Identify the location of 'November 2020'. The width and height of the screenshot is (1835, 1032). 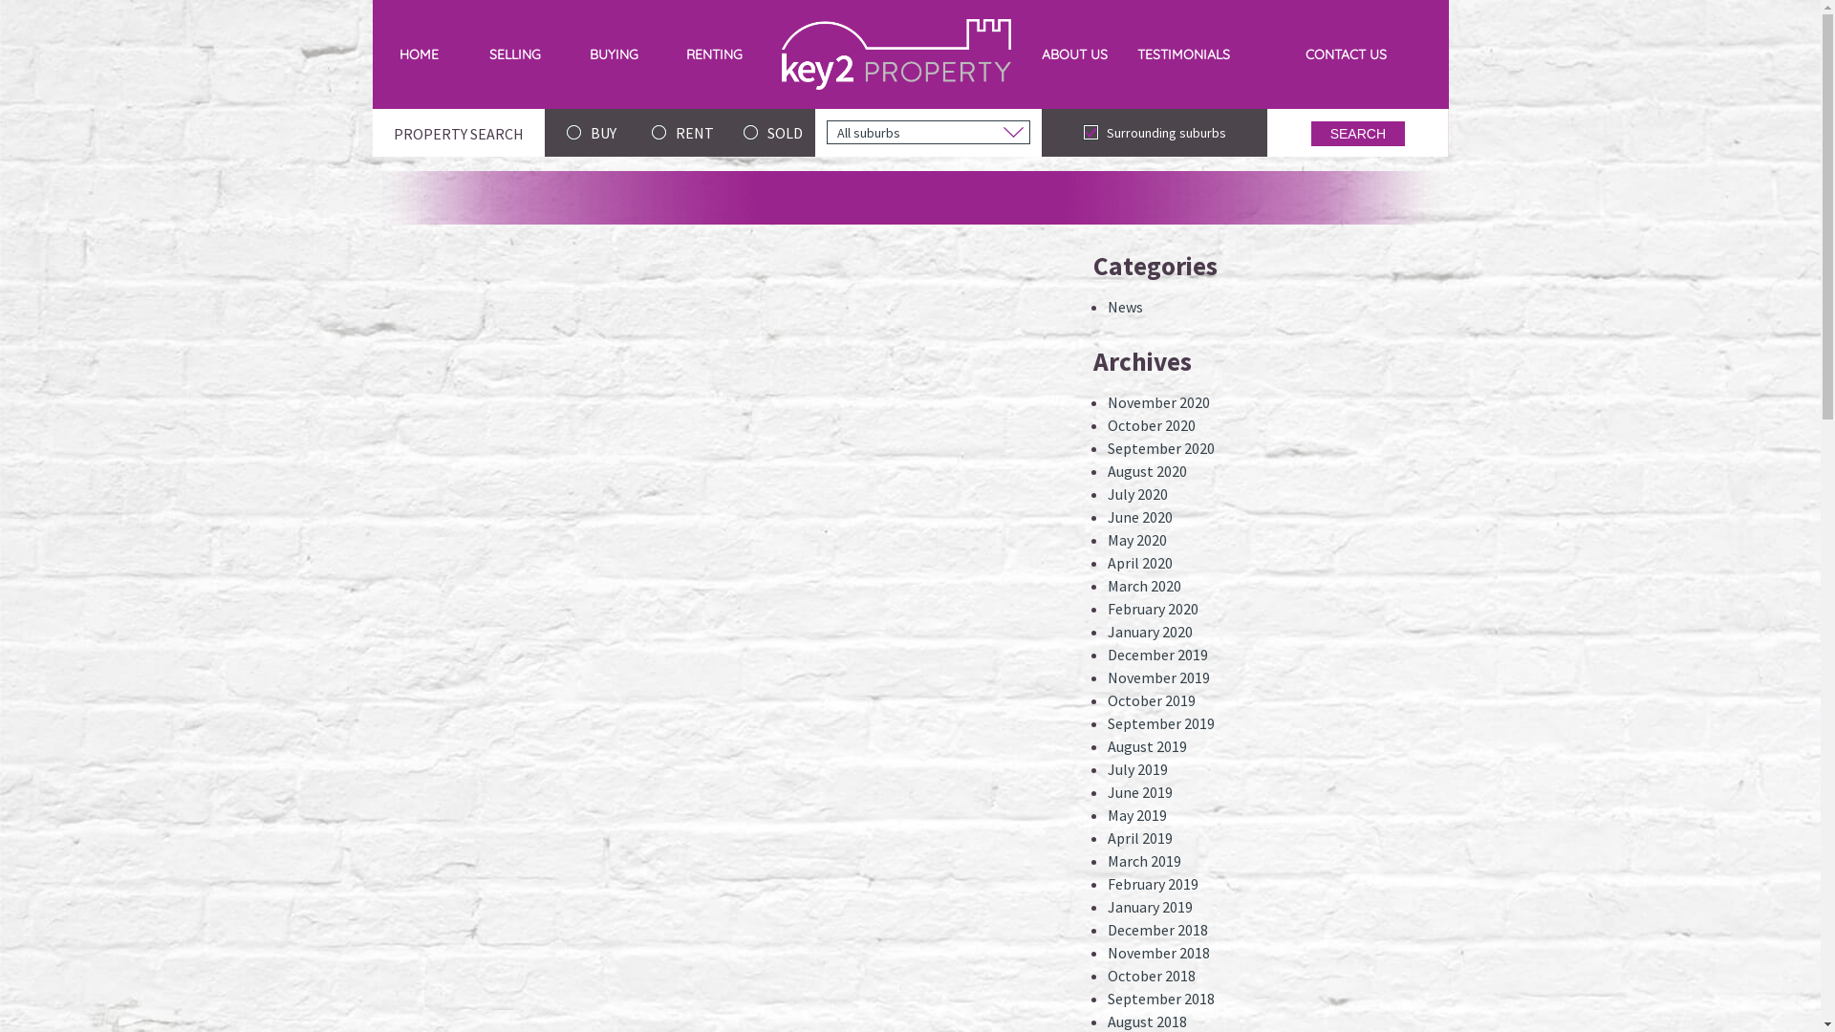
(1157, 400).